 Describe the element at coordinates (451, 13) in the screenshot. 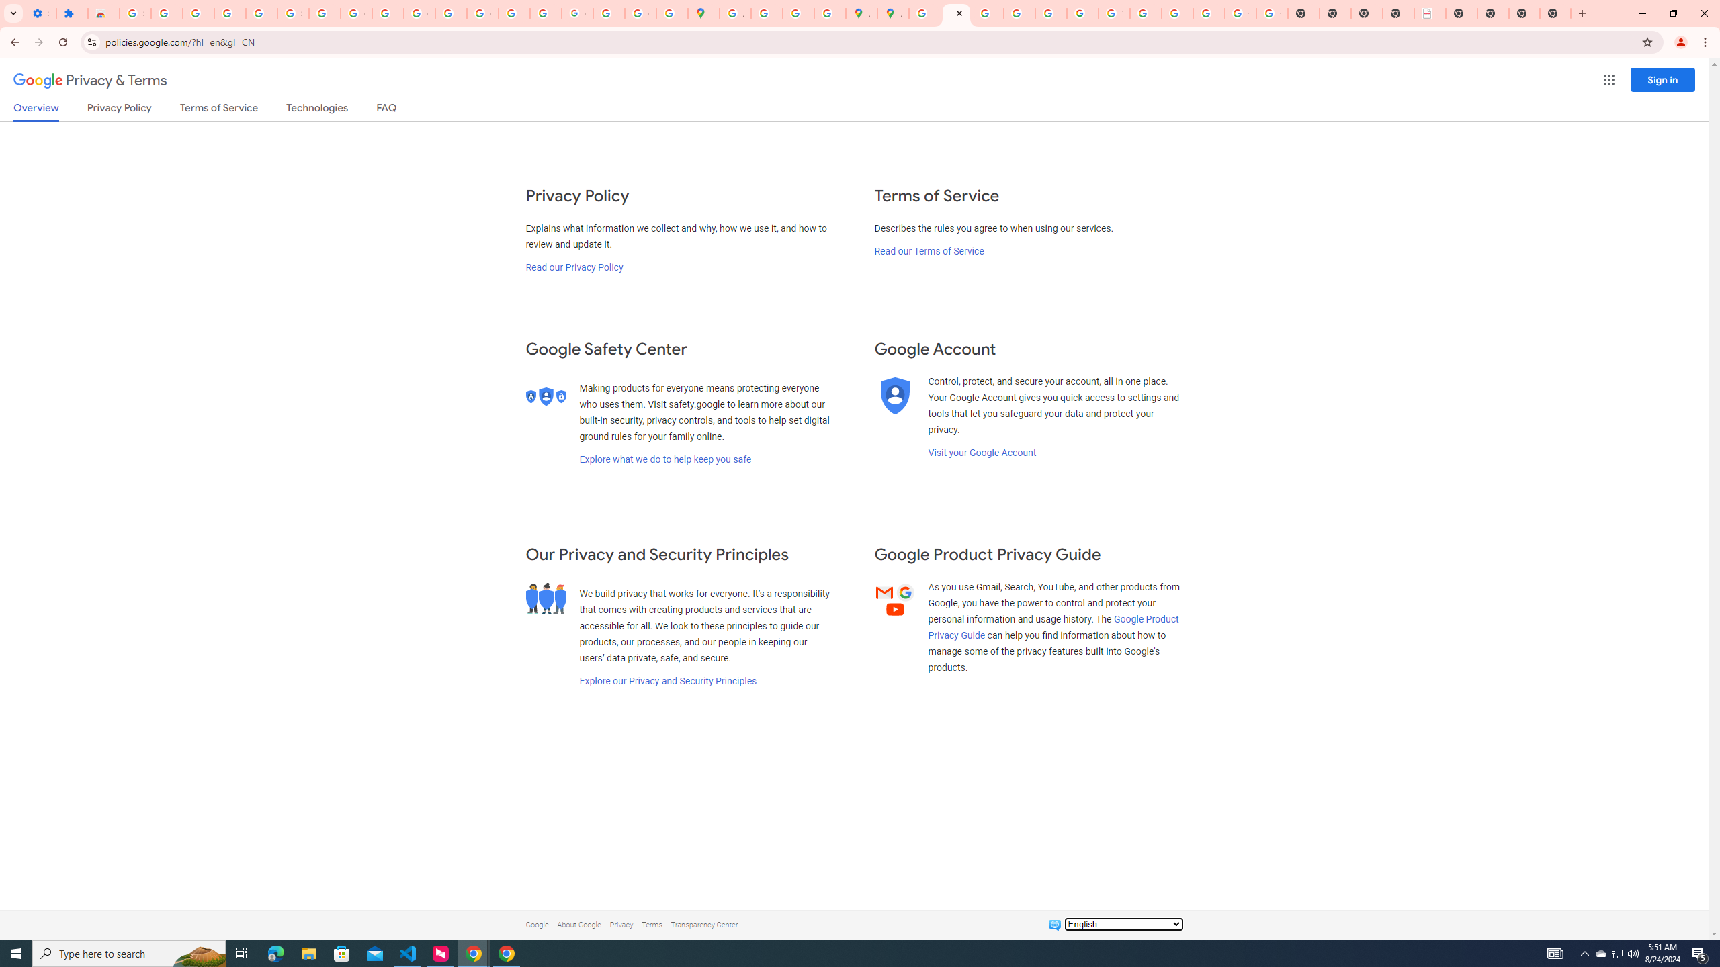

I see `'https://scholar.google.com/'` at that location.